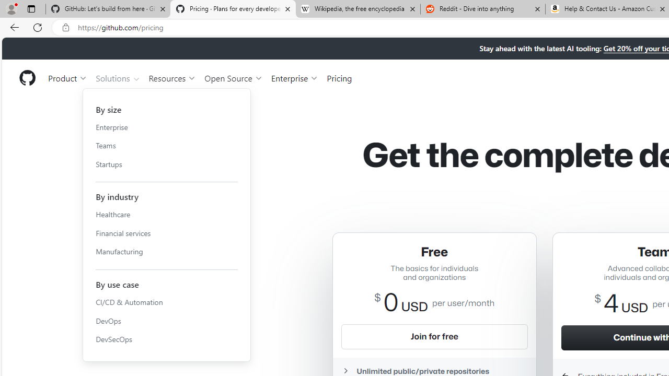  I want to click on 'CI/CD & Automation', so click(166, 302).